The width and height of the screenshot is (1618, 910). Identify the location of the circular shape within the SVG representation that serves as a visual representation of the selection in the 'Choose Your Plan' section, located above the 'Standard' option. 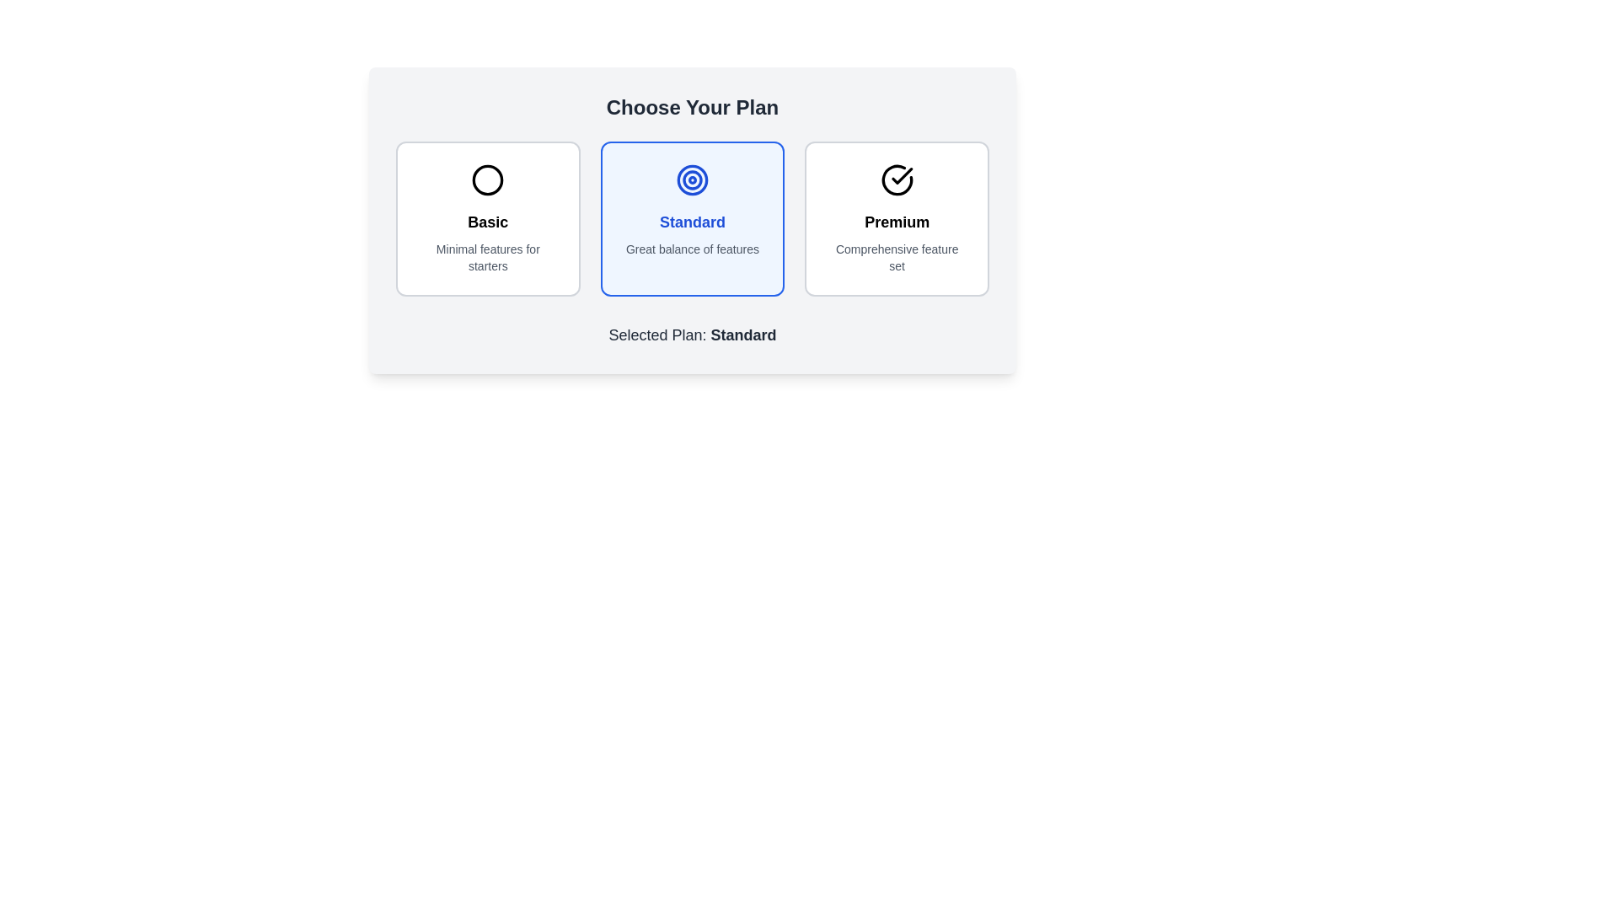
(692, 179).